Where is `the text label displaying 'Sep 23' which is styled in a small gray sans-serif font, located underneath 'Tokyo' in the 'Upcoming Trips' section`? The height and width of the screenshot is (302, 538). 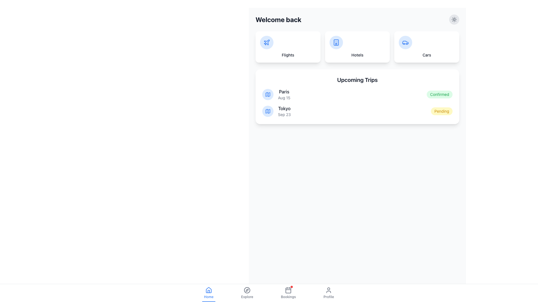 the text label displaying 'Sep 23' which is styled in a small gray sans-serif font, located underneath 'Tokyo' in the 'Upcoming Trips' section is located at coordinates (284, 114).